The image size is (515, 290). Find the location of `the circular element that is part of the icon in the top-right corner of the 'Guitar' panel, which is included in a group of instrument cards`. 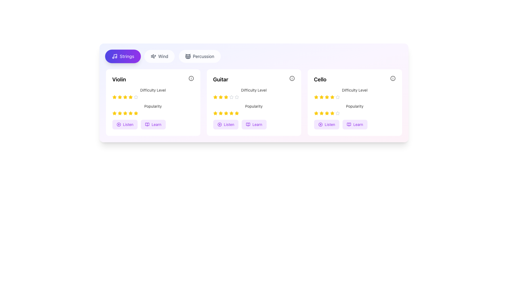

the circular element that is part of the icon in the top-right corner of the 'Guitar' panel, which is included in a group of instrument cards is located at coordinates (292, 78).